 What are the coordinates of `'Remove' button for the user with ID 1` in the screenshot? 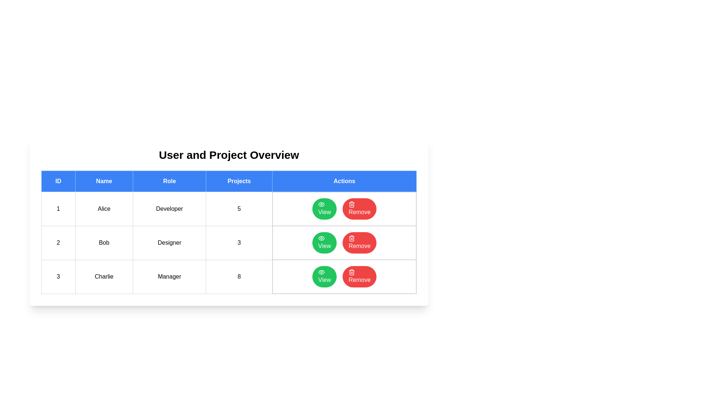 It's located at (360, 209).